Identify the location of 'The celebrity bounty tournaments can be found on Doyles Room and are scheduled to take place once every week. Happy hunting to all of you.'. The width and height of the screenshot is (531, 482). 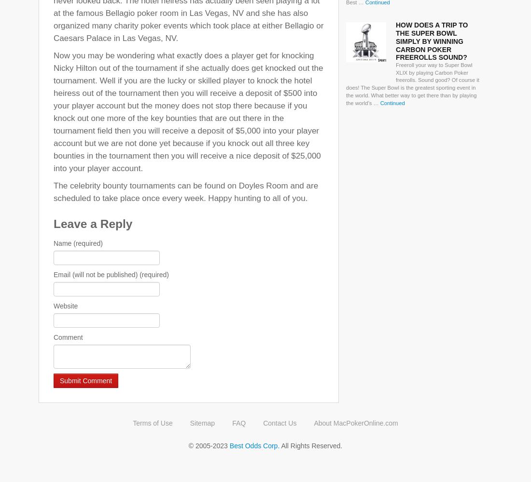
(186, 191).